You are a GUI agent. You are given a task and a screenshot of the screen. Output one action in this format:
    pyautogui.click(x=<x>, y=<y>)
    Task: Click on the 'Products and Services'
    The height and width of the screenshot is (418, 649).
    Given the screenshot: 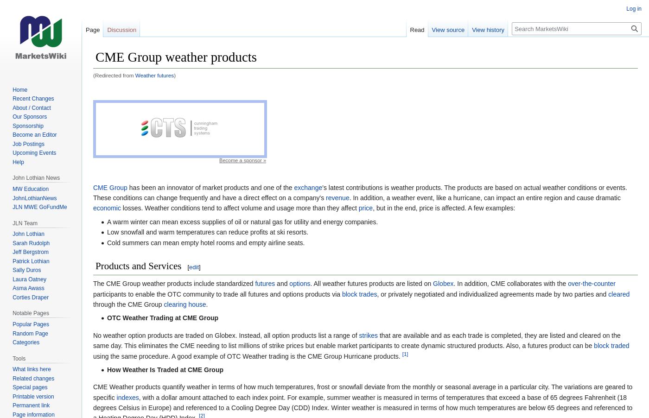 What is the action you would take?
    pyautogui.click(x=138, y=266)
    